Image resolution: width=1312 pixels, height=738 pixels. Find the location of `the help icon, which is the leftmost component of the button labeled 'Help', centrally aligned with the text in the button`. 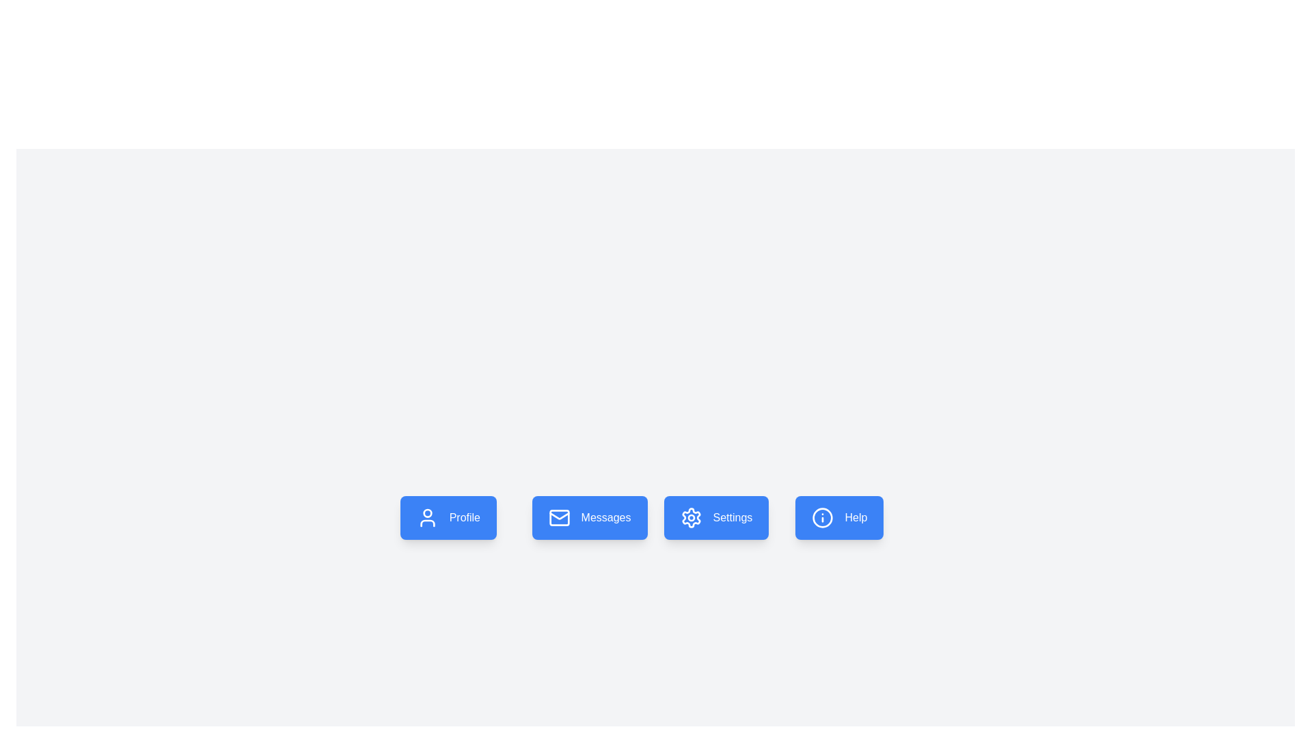

the help icon, which is the leftmost component of the button labeled 'Help', centrally aligned with the text in the button is located at coordinates (822, 518).